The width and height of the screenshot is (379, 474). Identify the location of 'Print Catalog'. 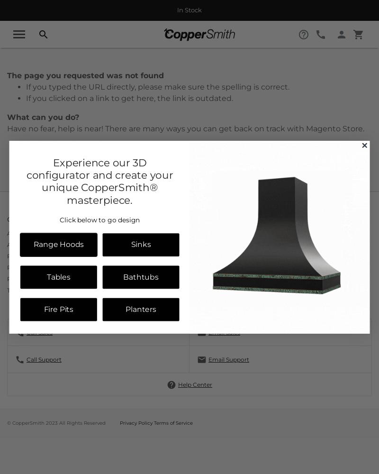
(120, 289).